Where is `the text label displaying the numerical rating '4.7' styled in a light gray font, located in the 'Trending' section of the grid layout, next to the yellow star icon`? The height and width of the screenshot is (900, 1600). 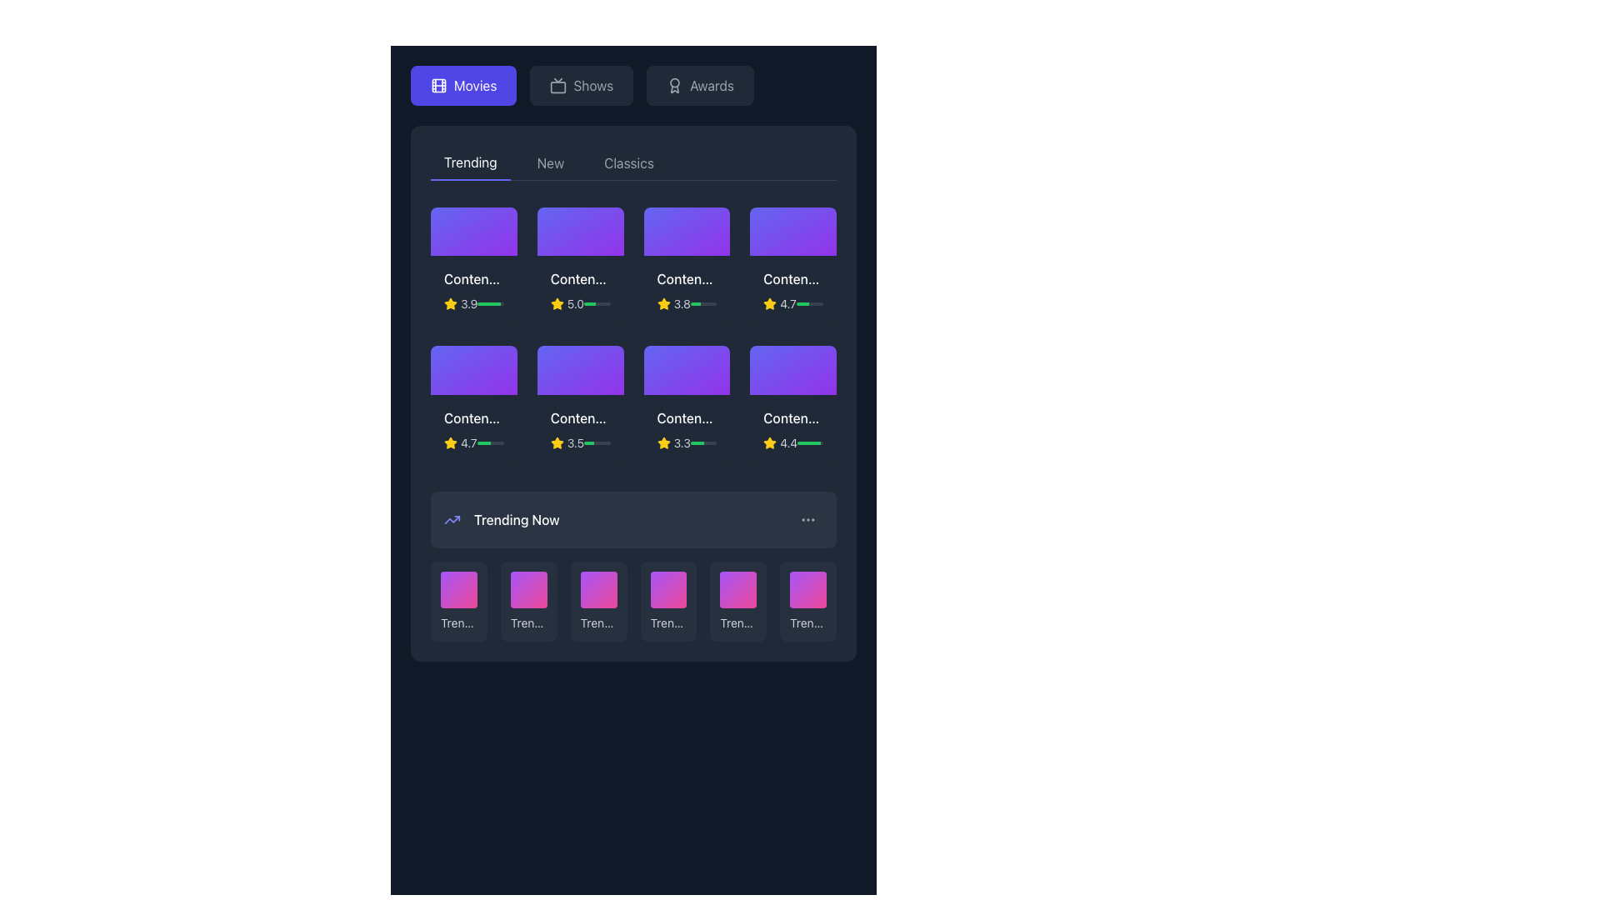 the text label displaying the numerical rating '4.7' styled in a light gray font, located in the 'Trending' section of the grid layout, next to the yellow star icon is located at coordinates (460, 442).